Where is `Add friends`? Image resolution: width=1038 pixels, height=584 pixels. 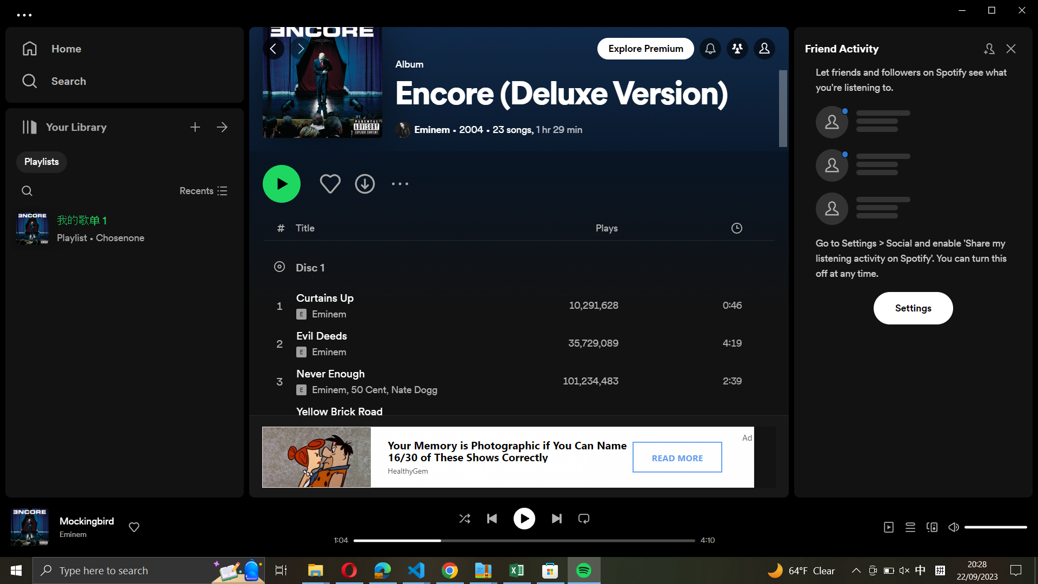
Add friends is located at coordinates (988, 47).